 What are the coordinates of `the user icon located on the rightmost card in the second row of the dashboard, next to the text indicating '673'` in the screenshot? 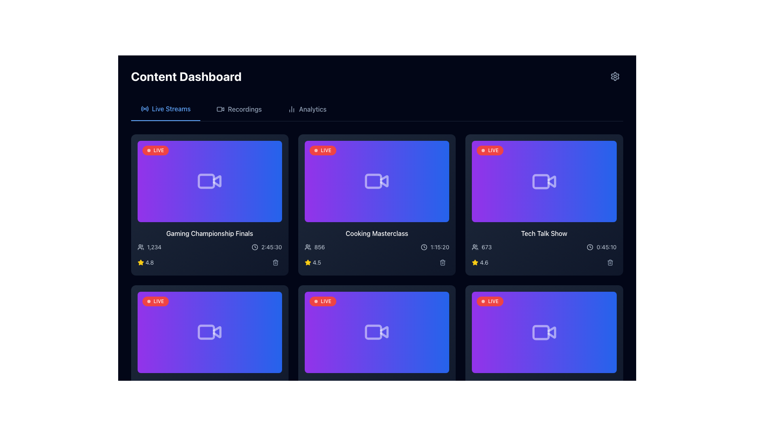 It's located at (475, 246).